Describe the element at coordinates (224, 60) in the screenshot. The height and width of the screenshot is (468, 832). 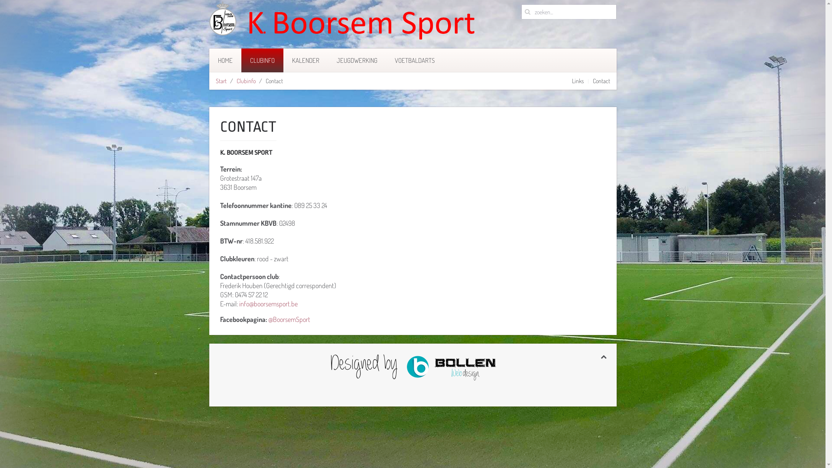
I see `'HOME'` at that location.